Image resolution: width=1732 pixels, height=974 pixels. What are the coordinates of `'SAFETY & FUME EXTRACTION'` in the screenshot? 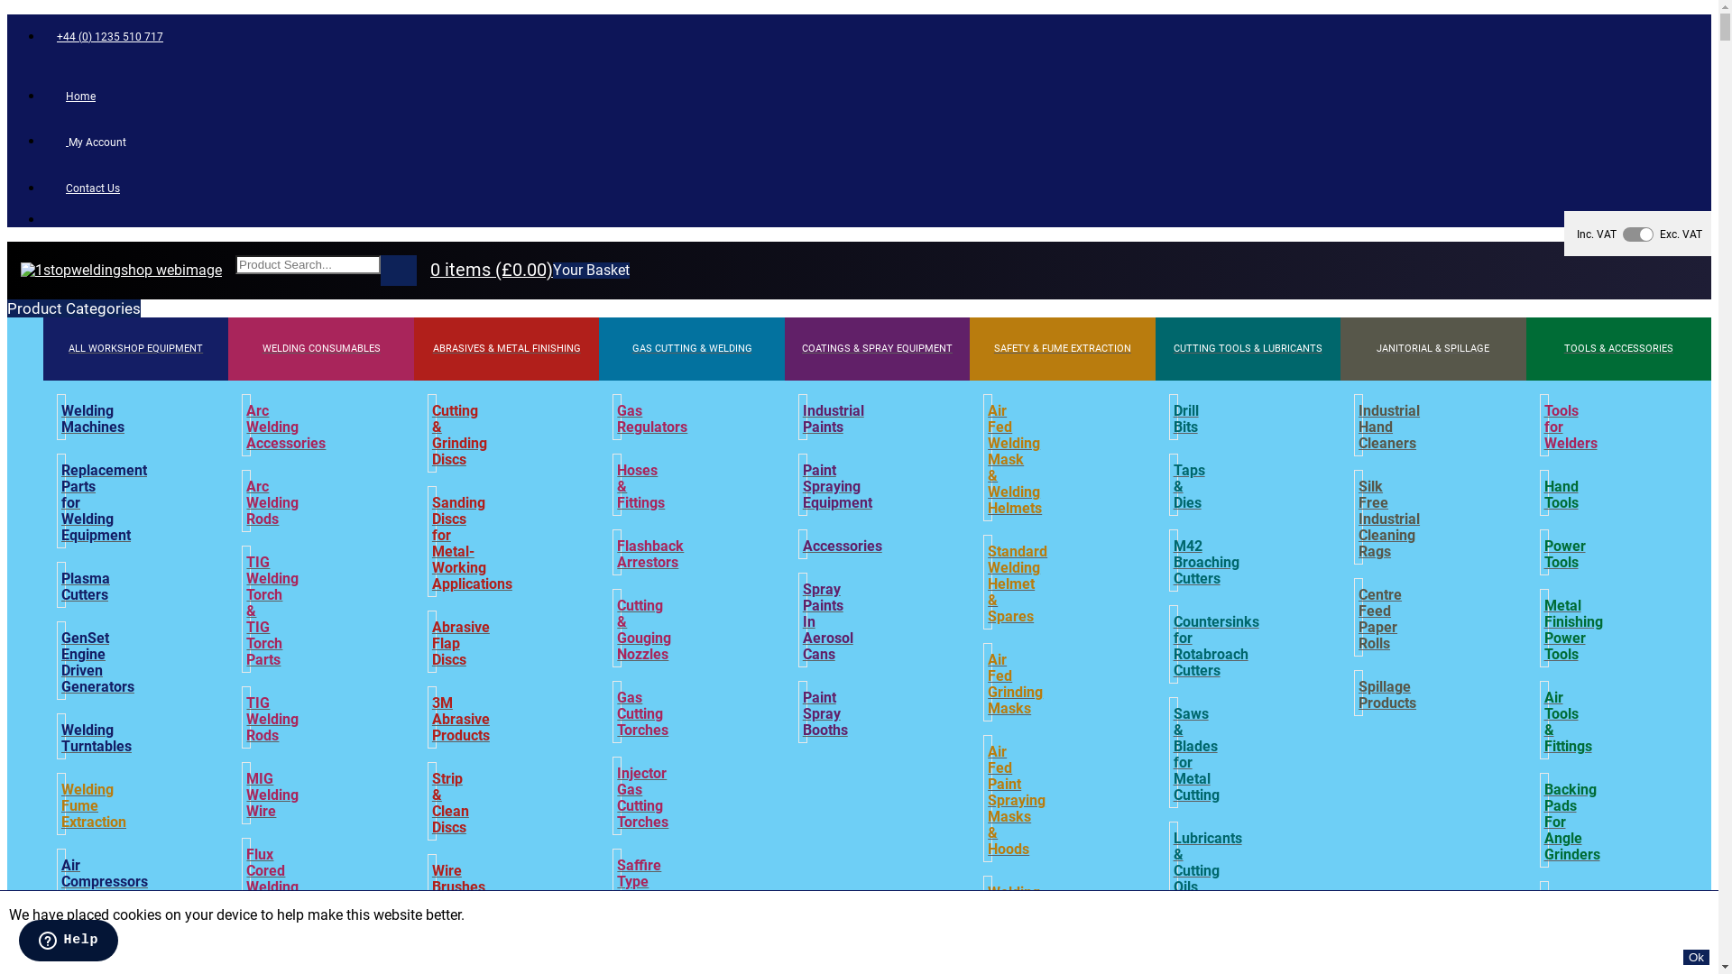 It's located at (969, 348).